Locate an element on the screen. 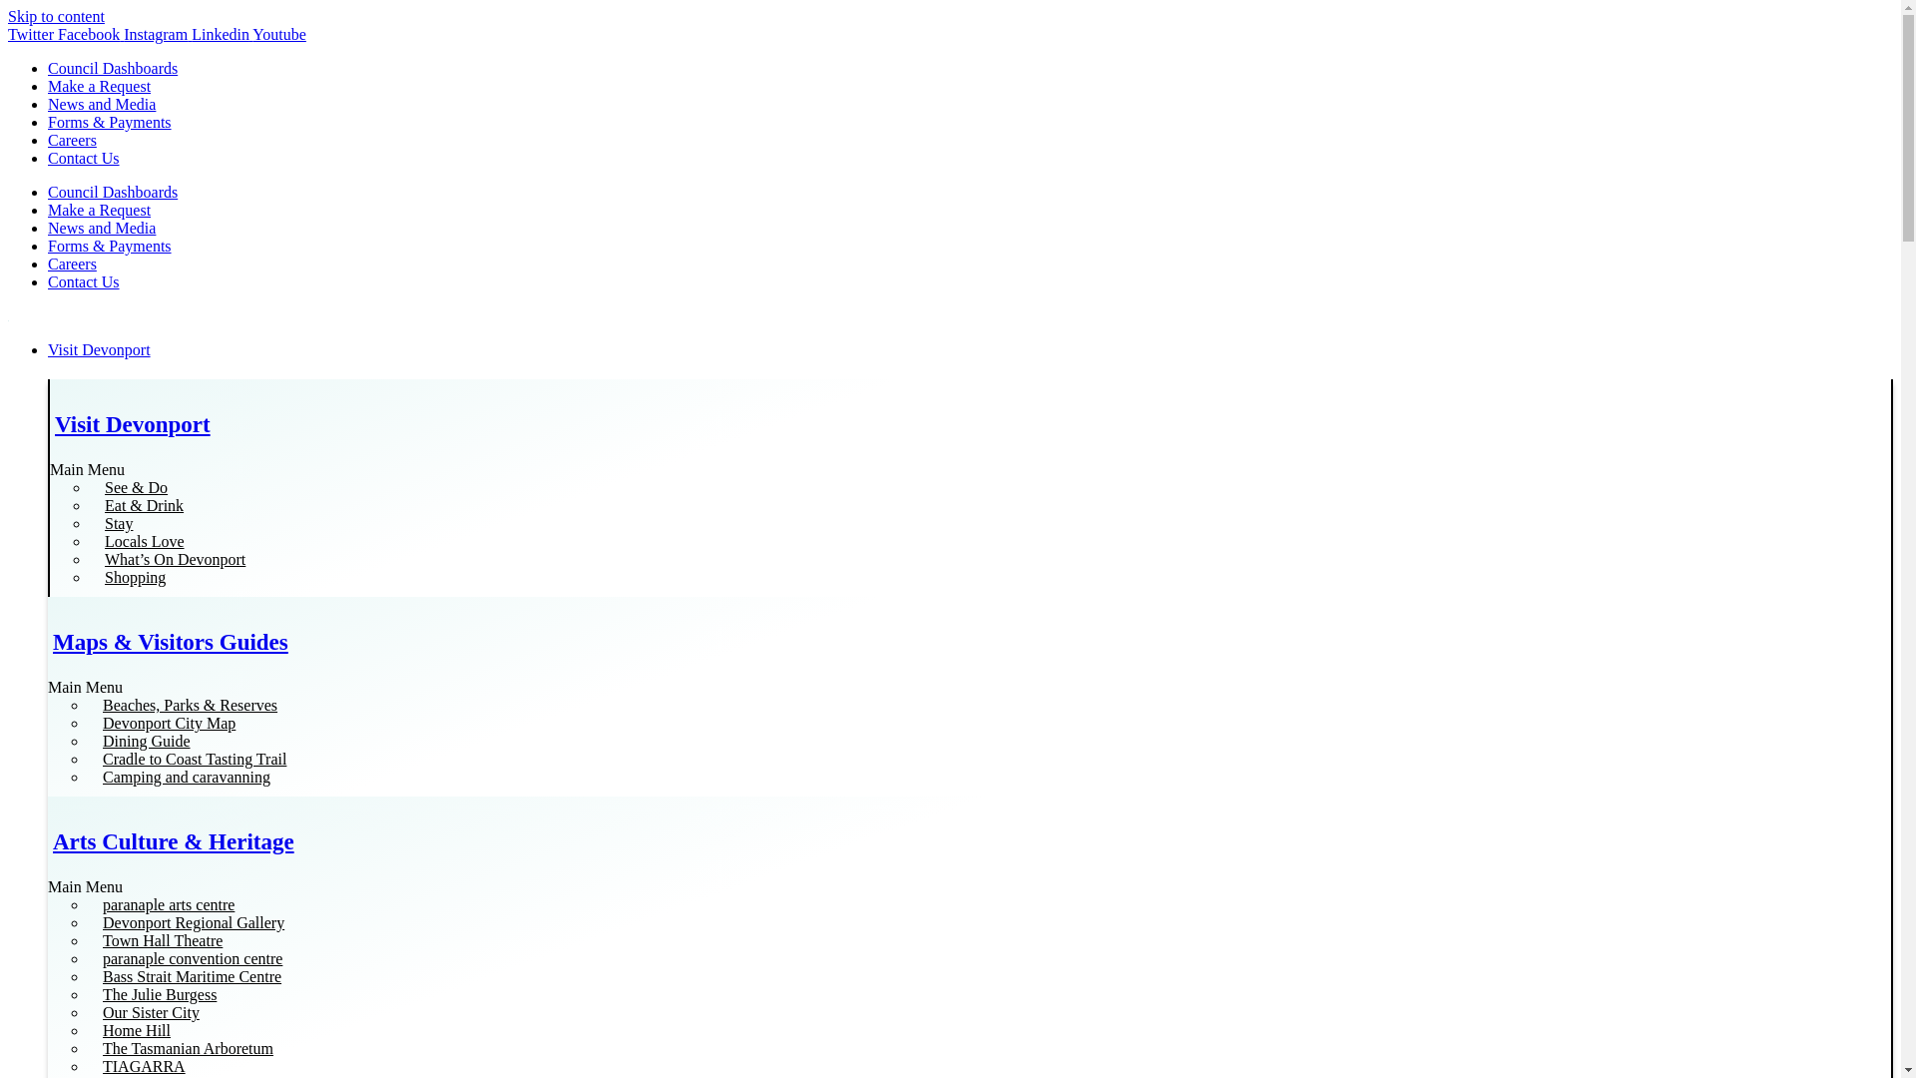 Image resolution: width=1916 pixels, height=1078 pixels. 'Contact Us' is located at coordinates (82, 281).